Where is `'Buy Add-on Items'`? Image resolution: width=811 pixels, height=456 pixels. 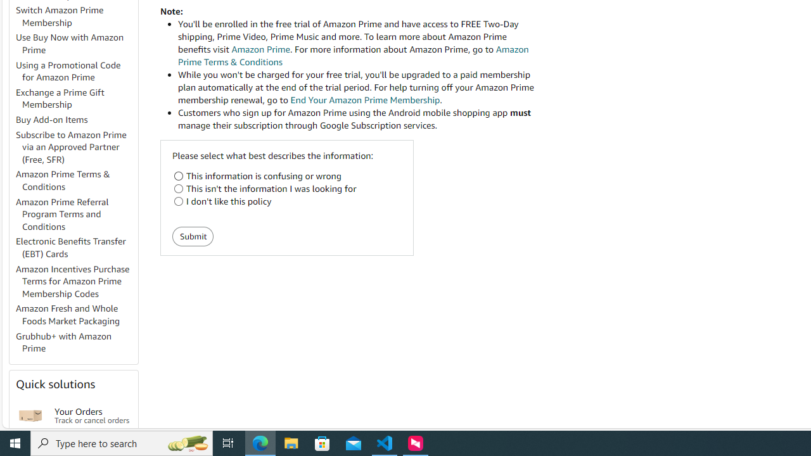 'Buy Add-on Items' is located at coordinates (75, 120).